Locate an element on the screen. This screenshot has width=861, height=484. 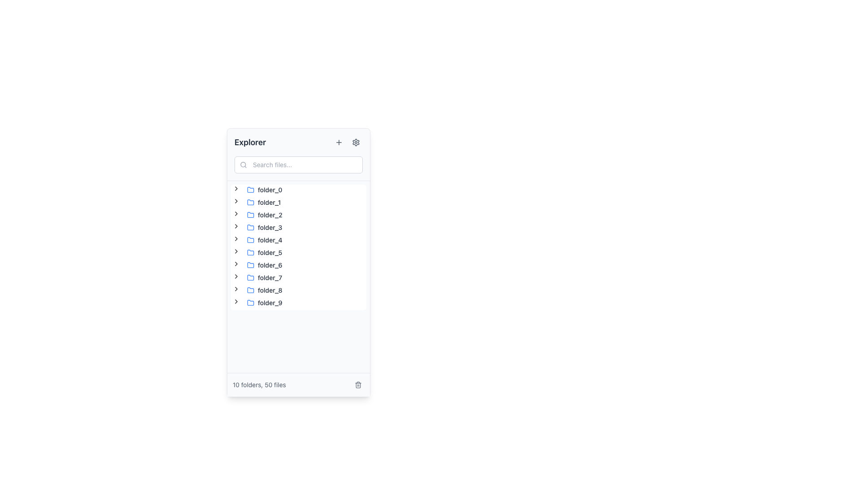
the trash can delete icon button located at the bottom-right corner of the panel, which features a minimalist design and a gray color indicating a disabled state is located at coordinates (357, 385).